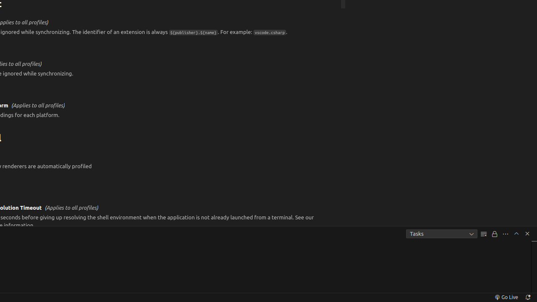  What do you see at coordinates (527, 297) in the screenshot?
I see `'Notifications'` at bounding box center [527, 297].